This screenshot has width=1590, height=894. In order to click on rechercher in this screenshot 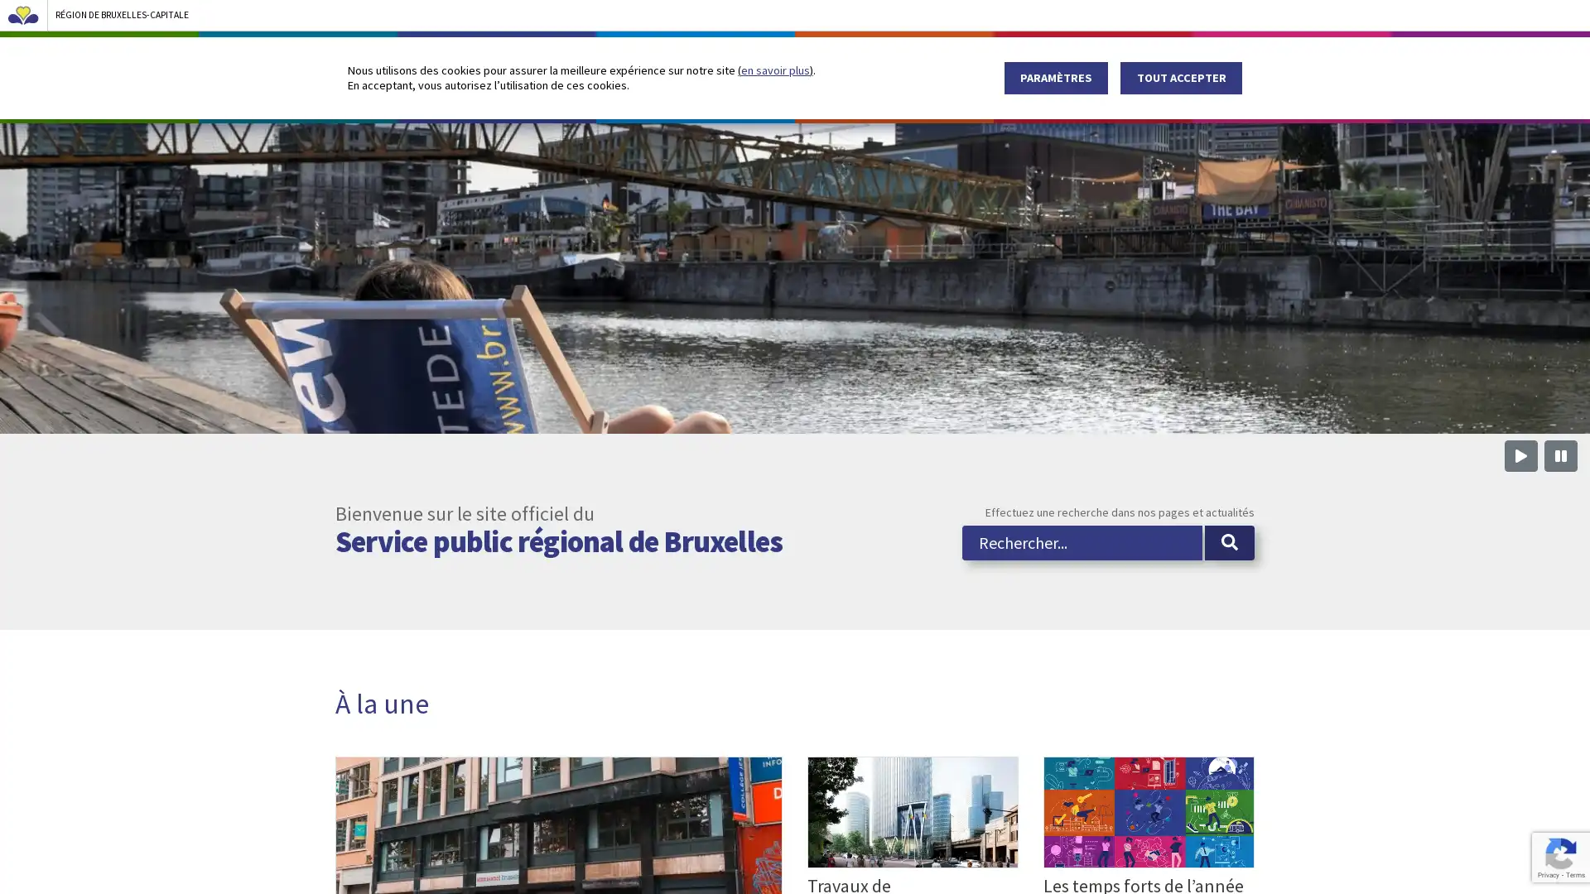, I will do `click(1228, 50)`.